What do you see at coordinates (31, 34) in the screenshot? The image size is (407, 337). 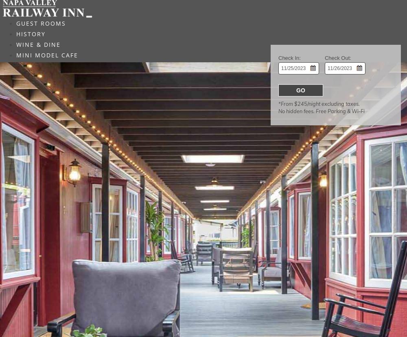 I see `'HISTORY'` at bounding box center [31, 34].